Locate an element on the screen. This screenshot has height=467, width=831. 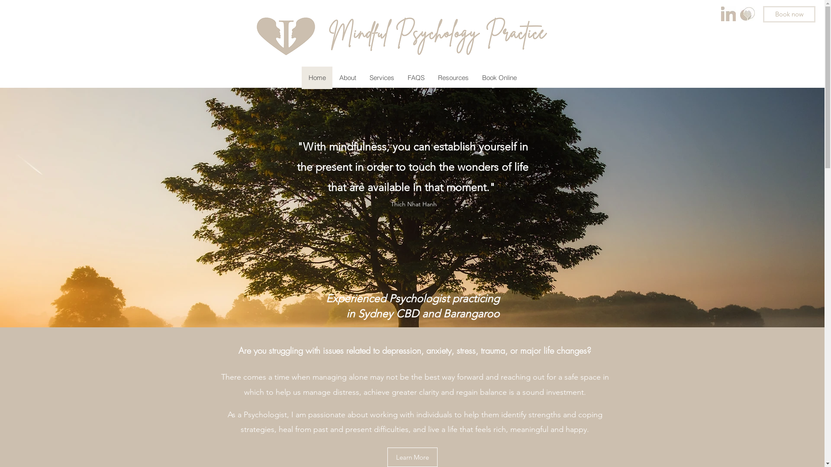
'Home' is located at coordinates (316, 78).